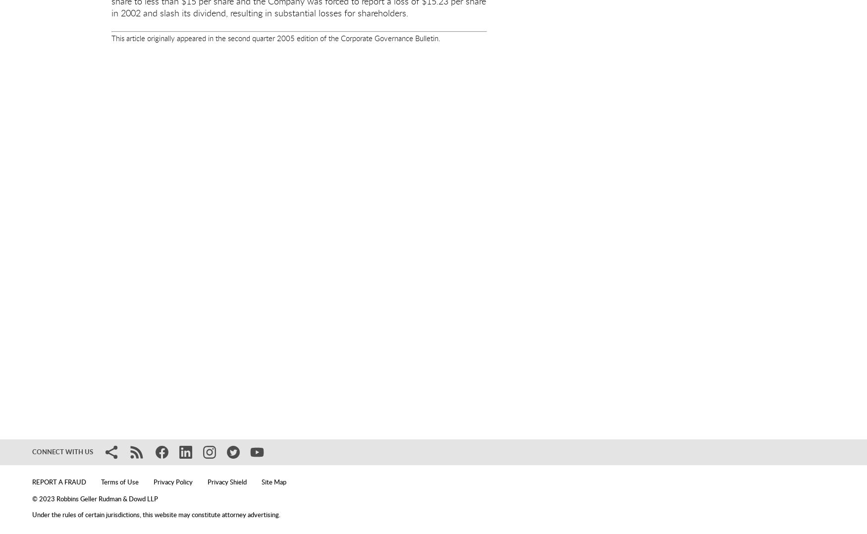  I want to click on 'Privacy Shield', so click(227, 482).